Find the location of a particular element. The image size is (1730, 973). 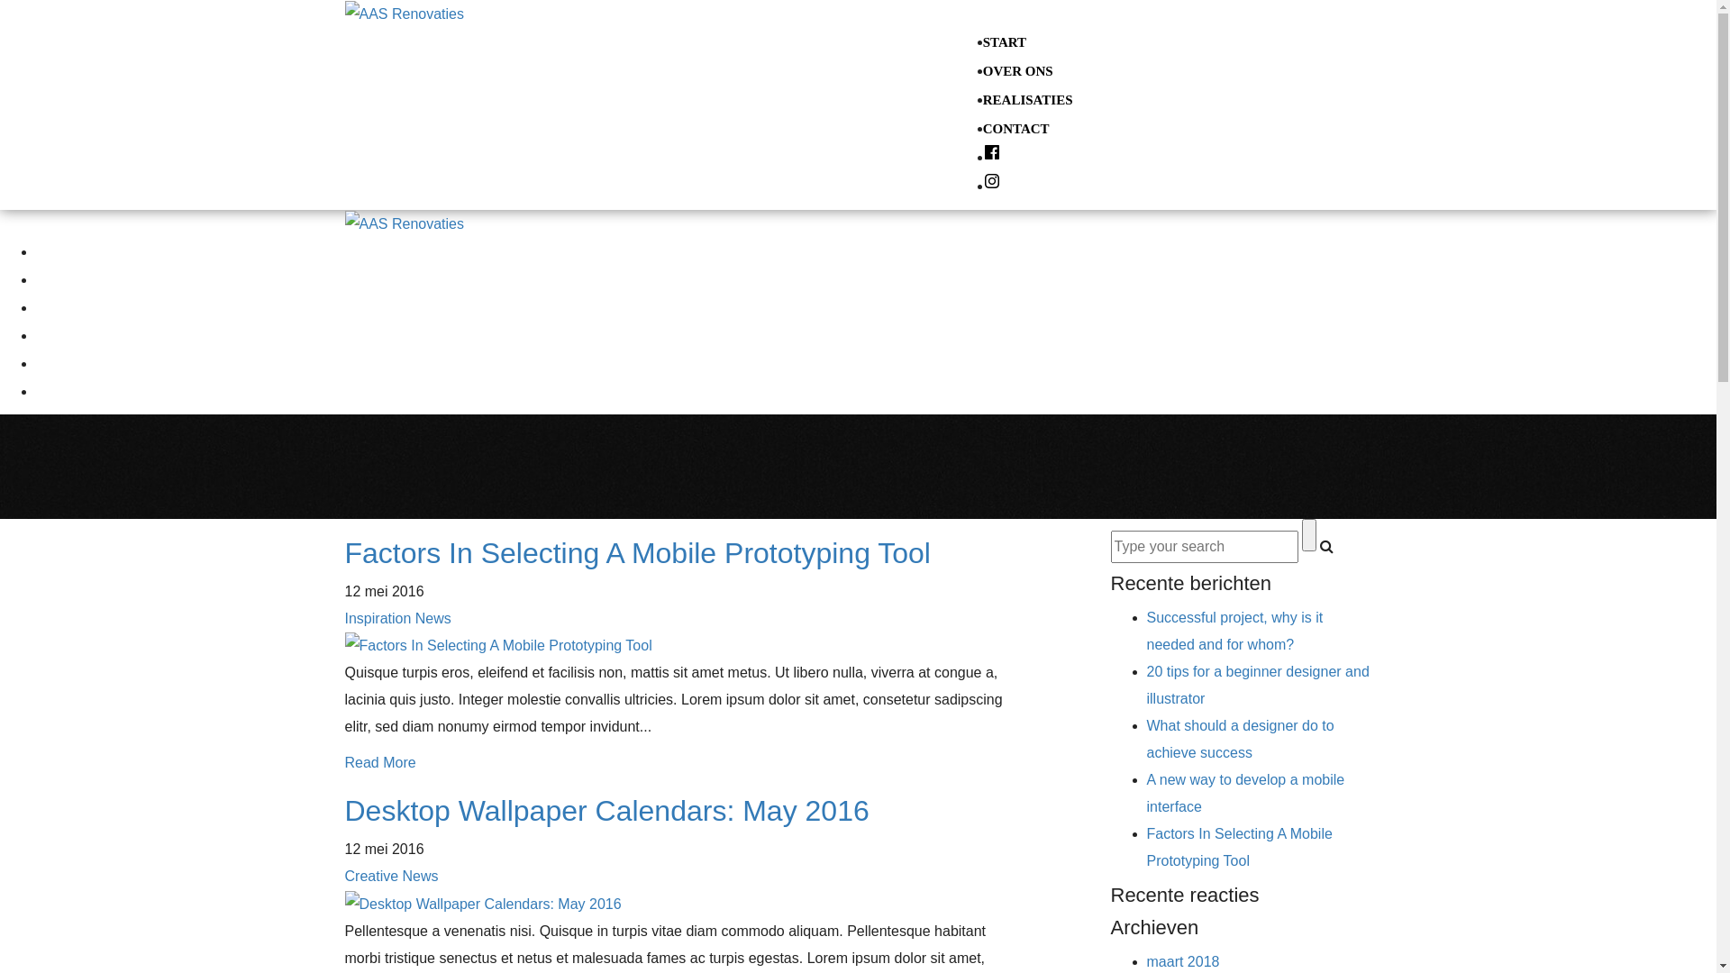

'Factors In Selecting A Mobile Prototyping Tool' is located at coordinates (636, 551).